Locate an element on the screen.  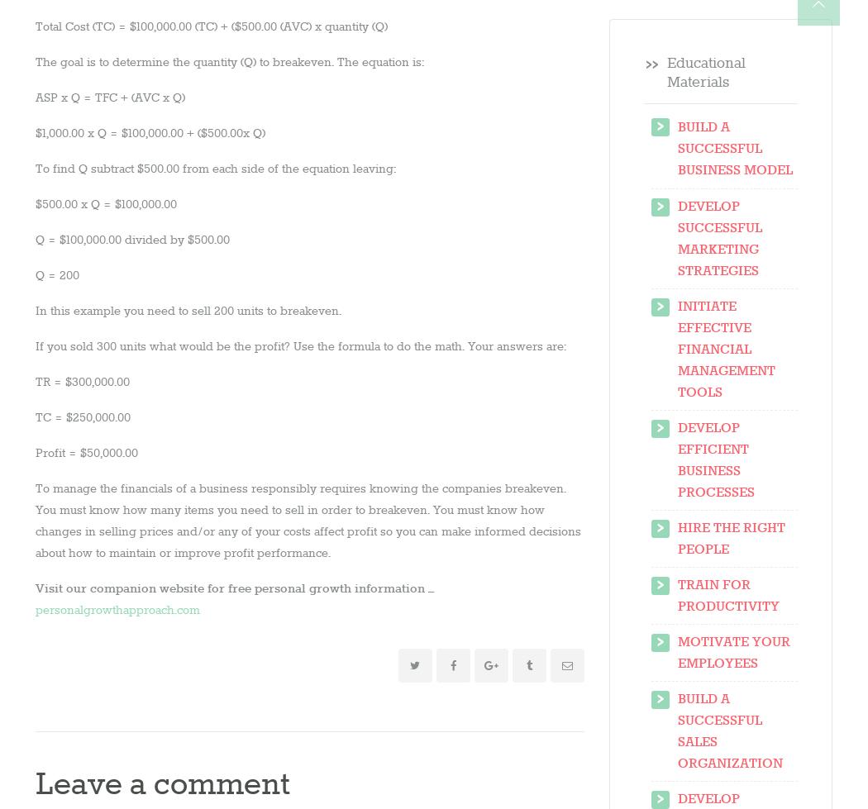
'$500.00 x Q = $100,000.00' is located at coordinates (105, 204).